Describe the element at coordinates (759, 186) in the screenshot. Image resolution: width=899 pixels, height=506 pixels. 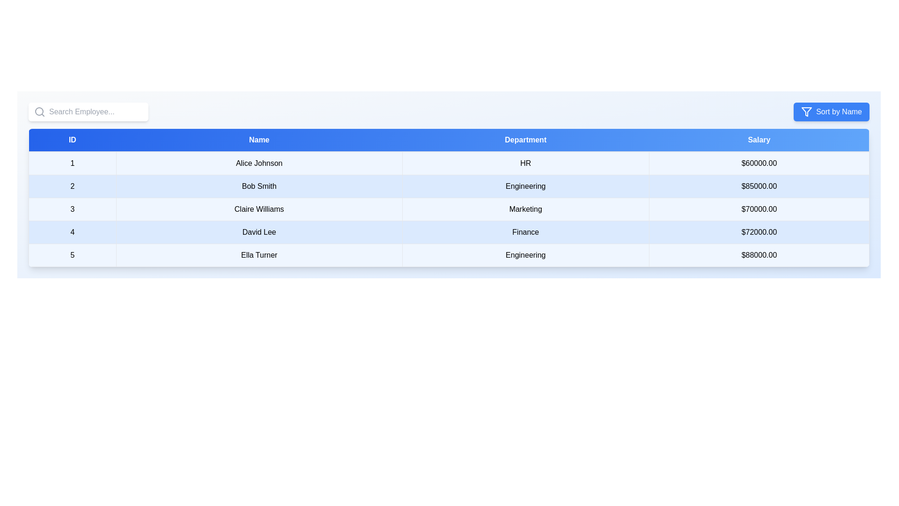
I see `the static text element displaying the salary value for the employee 'Bob Smith', located in the fourth column and second row of the table` at that location.